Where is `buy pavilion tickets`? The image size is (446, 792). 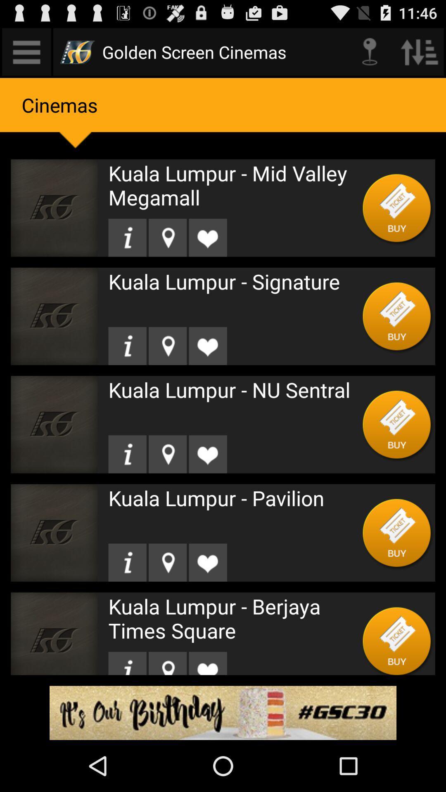
buy pavilion tickets is located at coordinates (396, 533).